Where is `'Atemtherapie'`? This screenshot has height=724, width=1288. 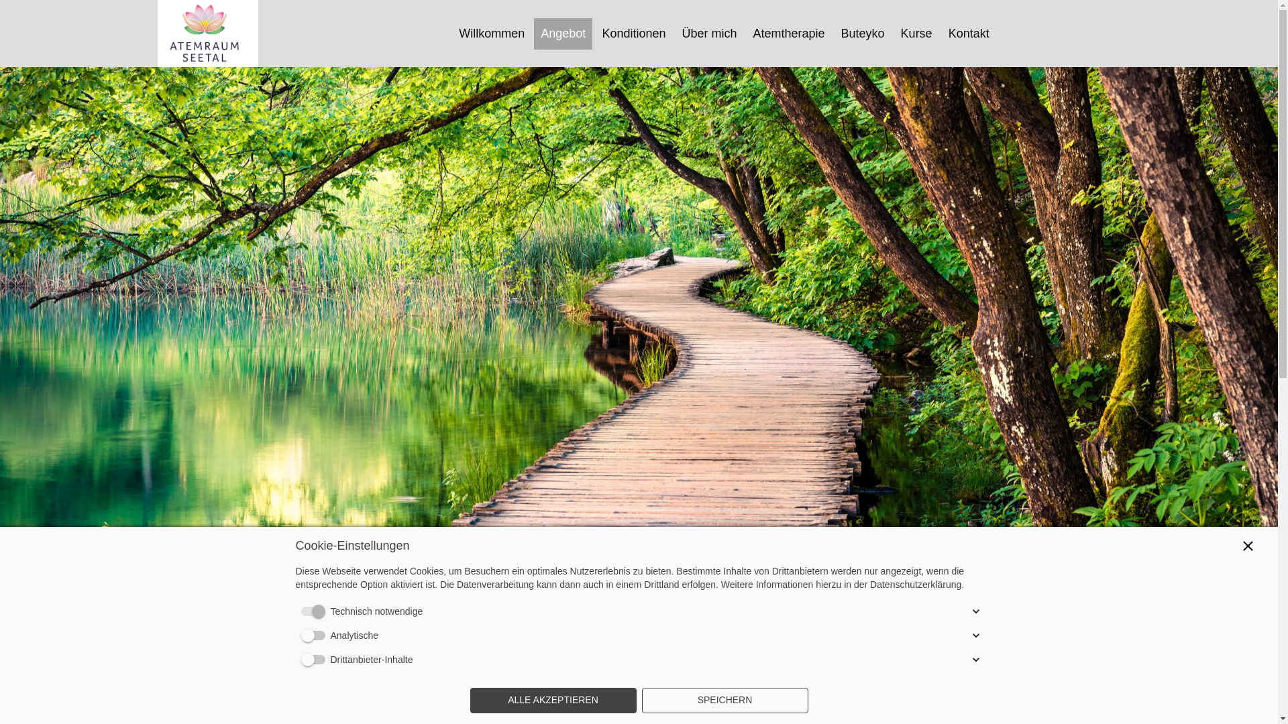
'Atemtherapie' is located at coordinates (788, 33).